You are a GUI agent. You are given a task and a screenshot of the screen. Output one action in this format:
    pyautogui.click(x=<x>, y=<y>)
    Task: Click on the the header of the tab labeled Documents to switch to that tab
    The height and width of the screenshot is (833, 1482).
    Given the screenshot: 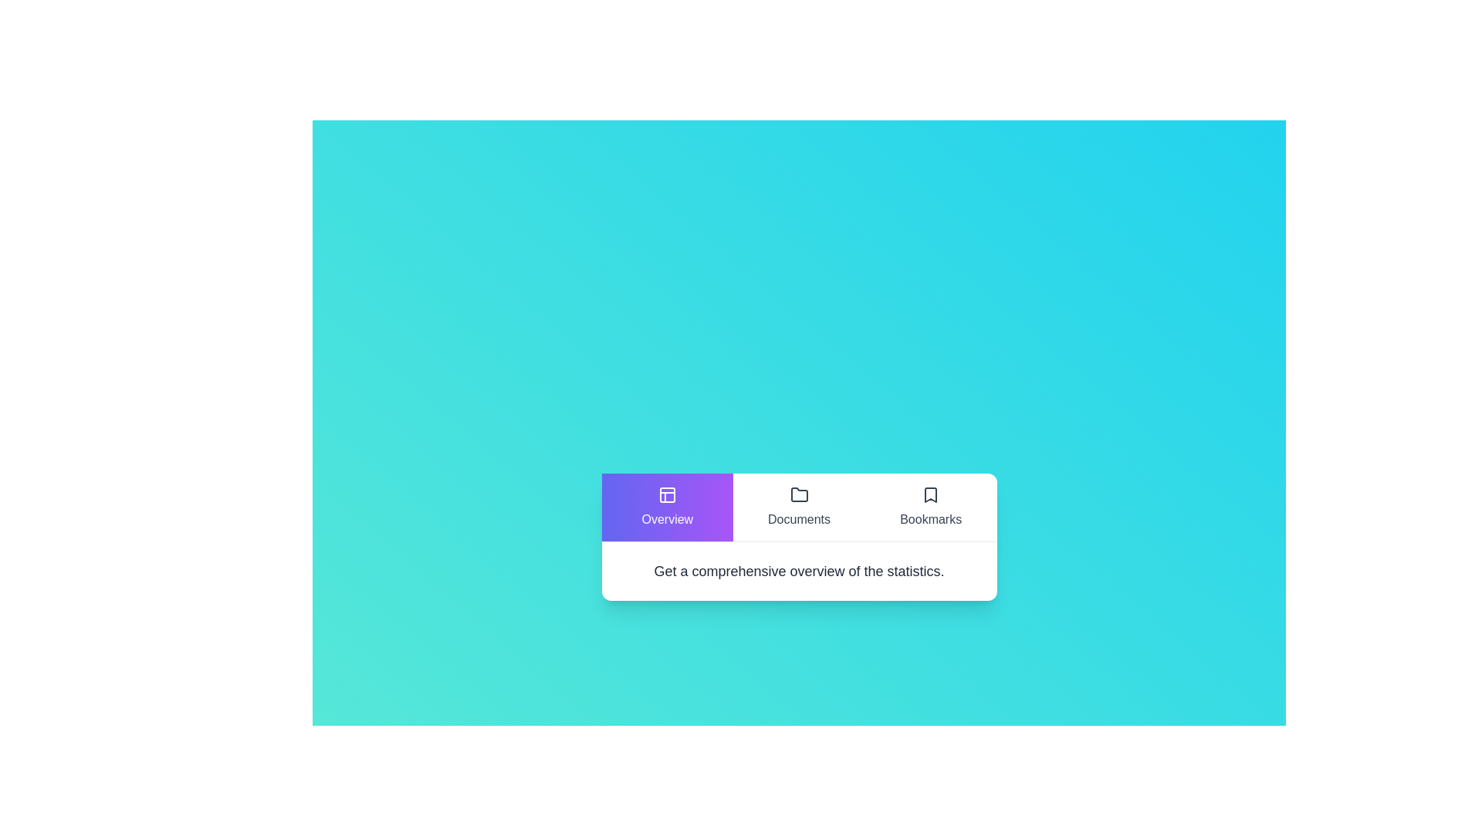 What is the action you would take?
    pyautogui.click(x=799, y=507)
    